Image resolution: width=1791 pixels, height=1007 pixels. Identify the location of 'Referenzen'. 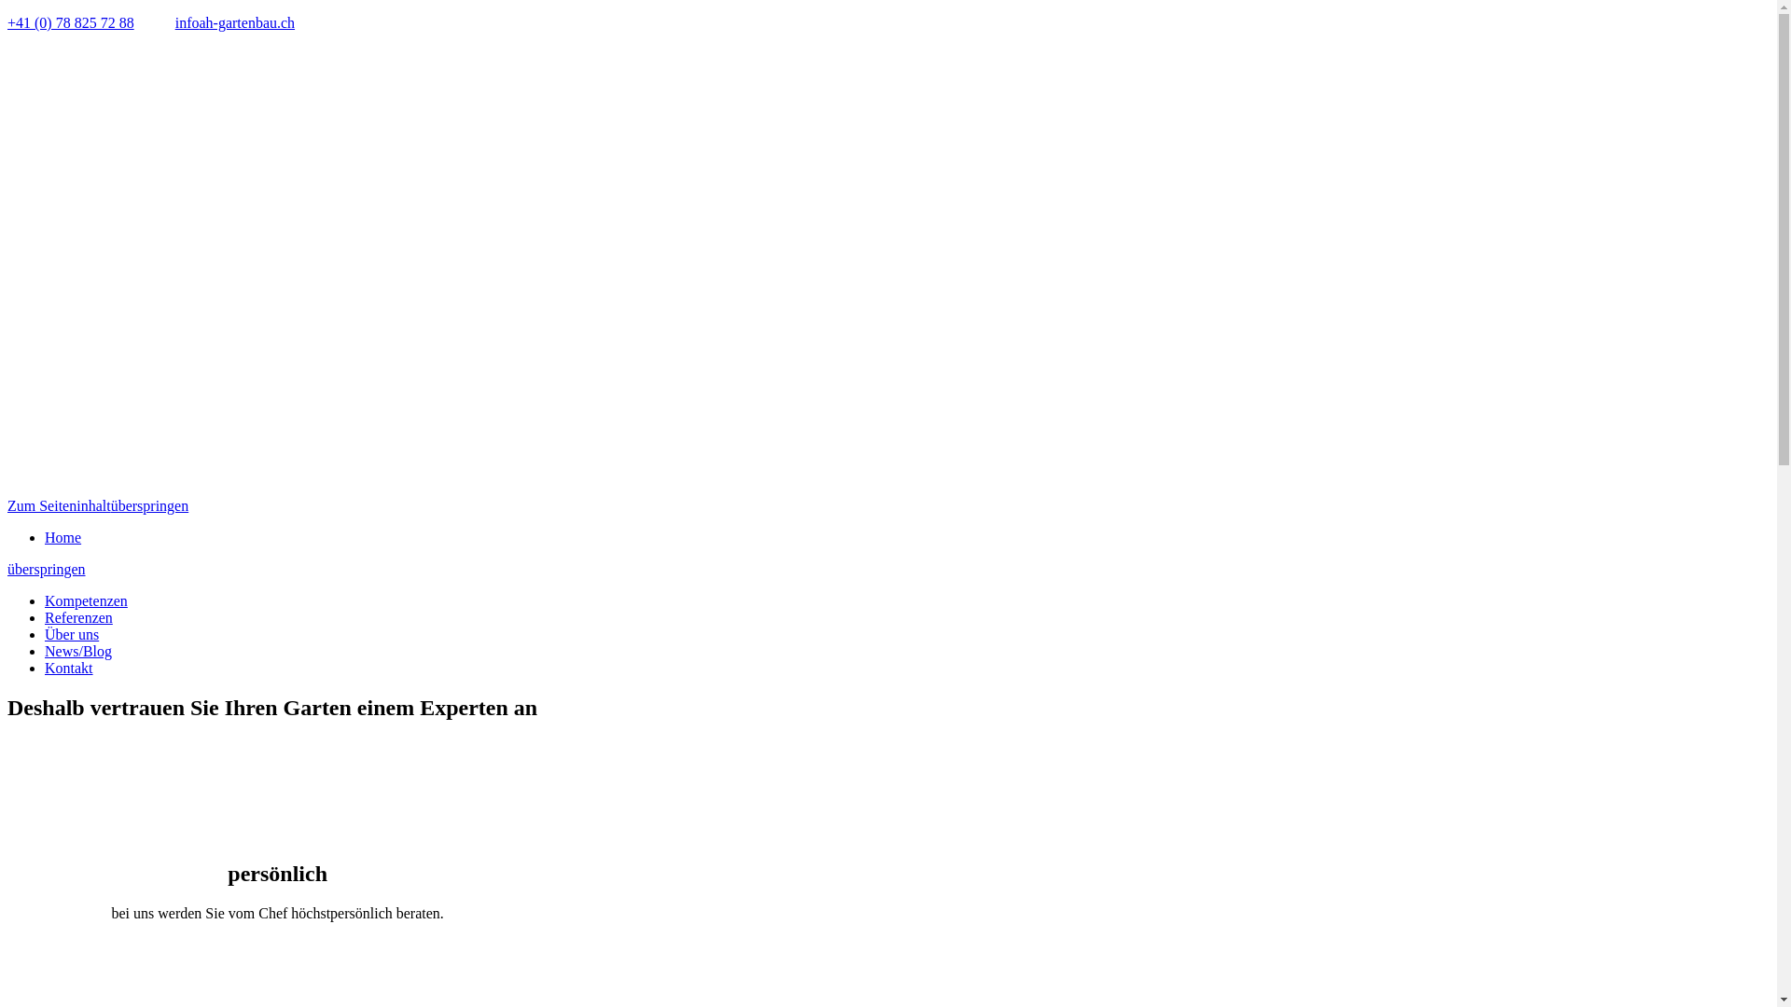
(77, 617).